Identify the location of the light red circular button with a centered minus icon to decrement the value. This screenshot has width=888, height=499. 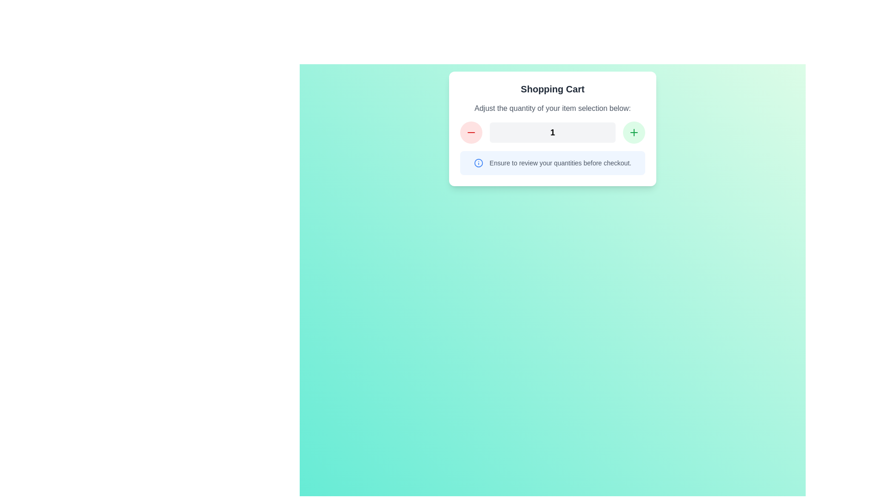
(471, 132).